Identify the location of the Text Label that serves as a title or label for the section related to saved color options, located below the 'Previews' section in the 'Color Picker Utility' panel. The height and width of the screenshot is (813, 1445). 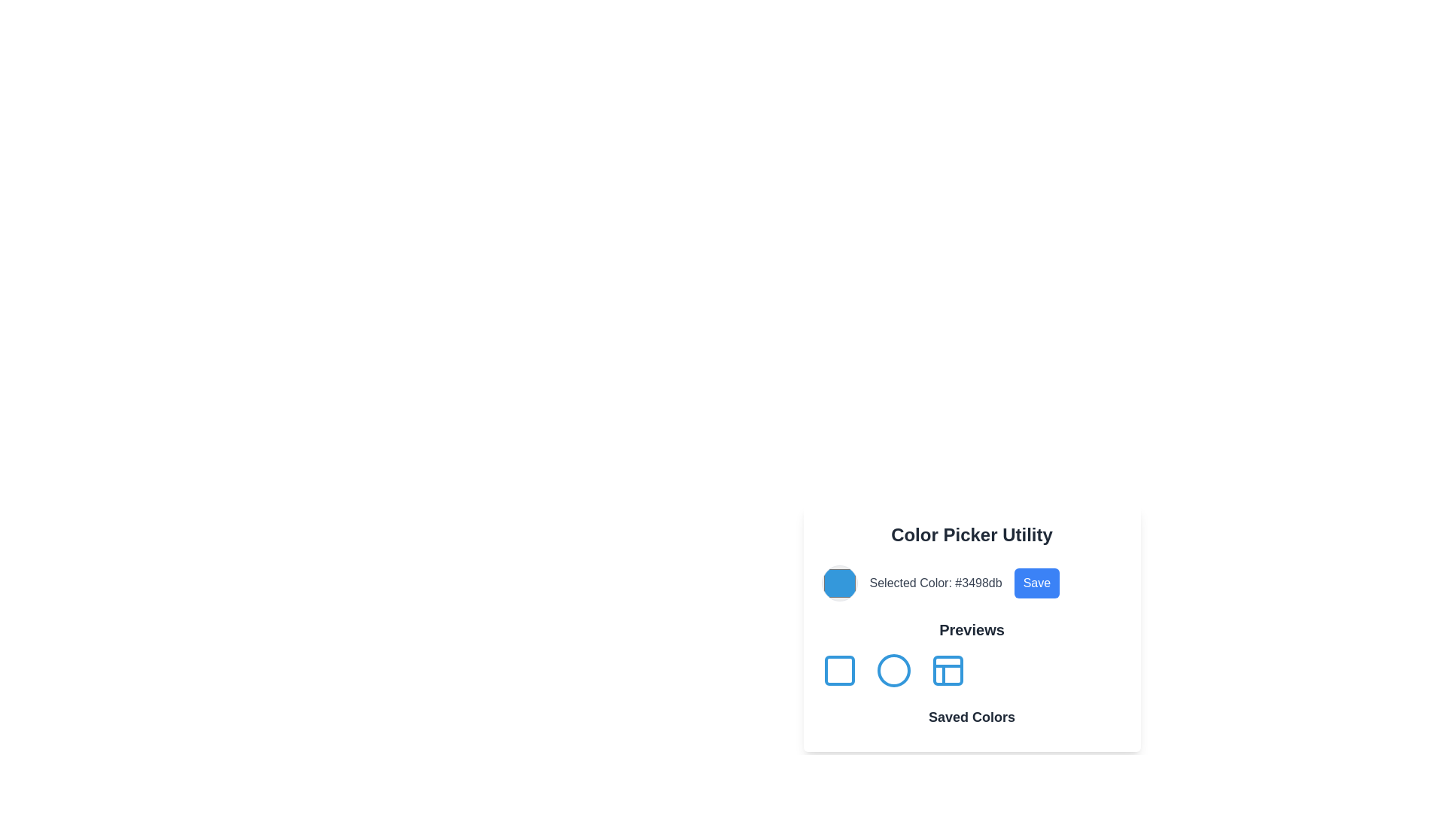
(972, 719).